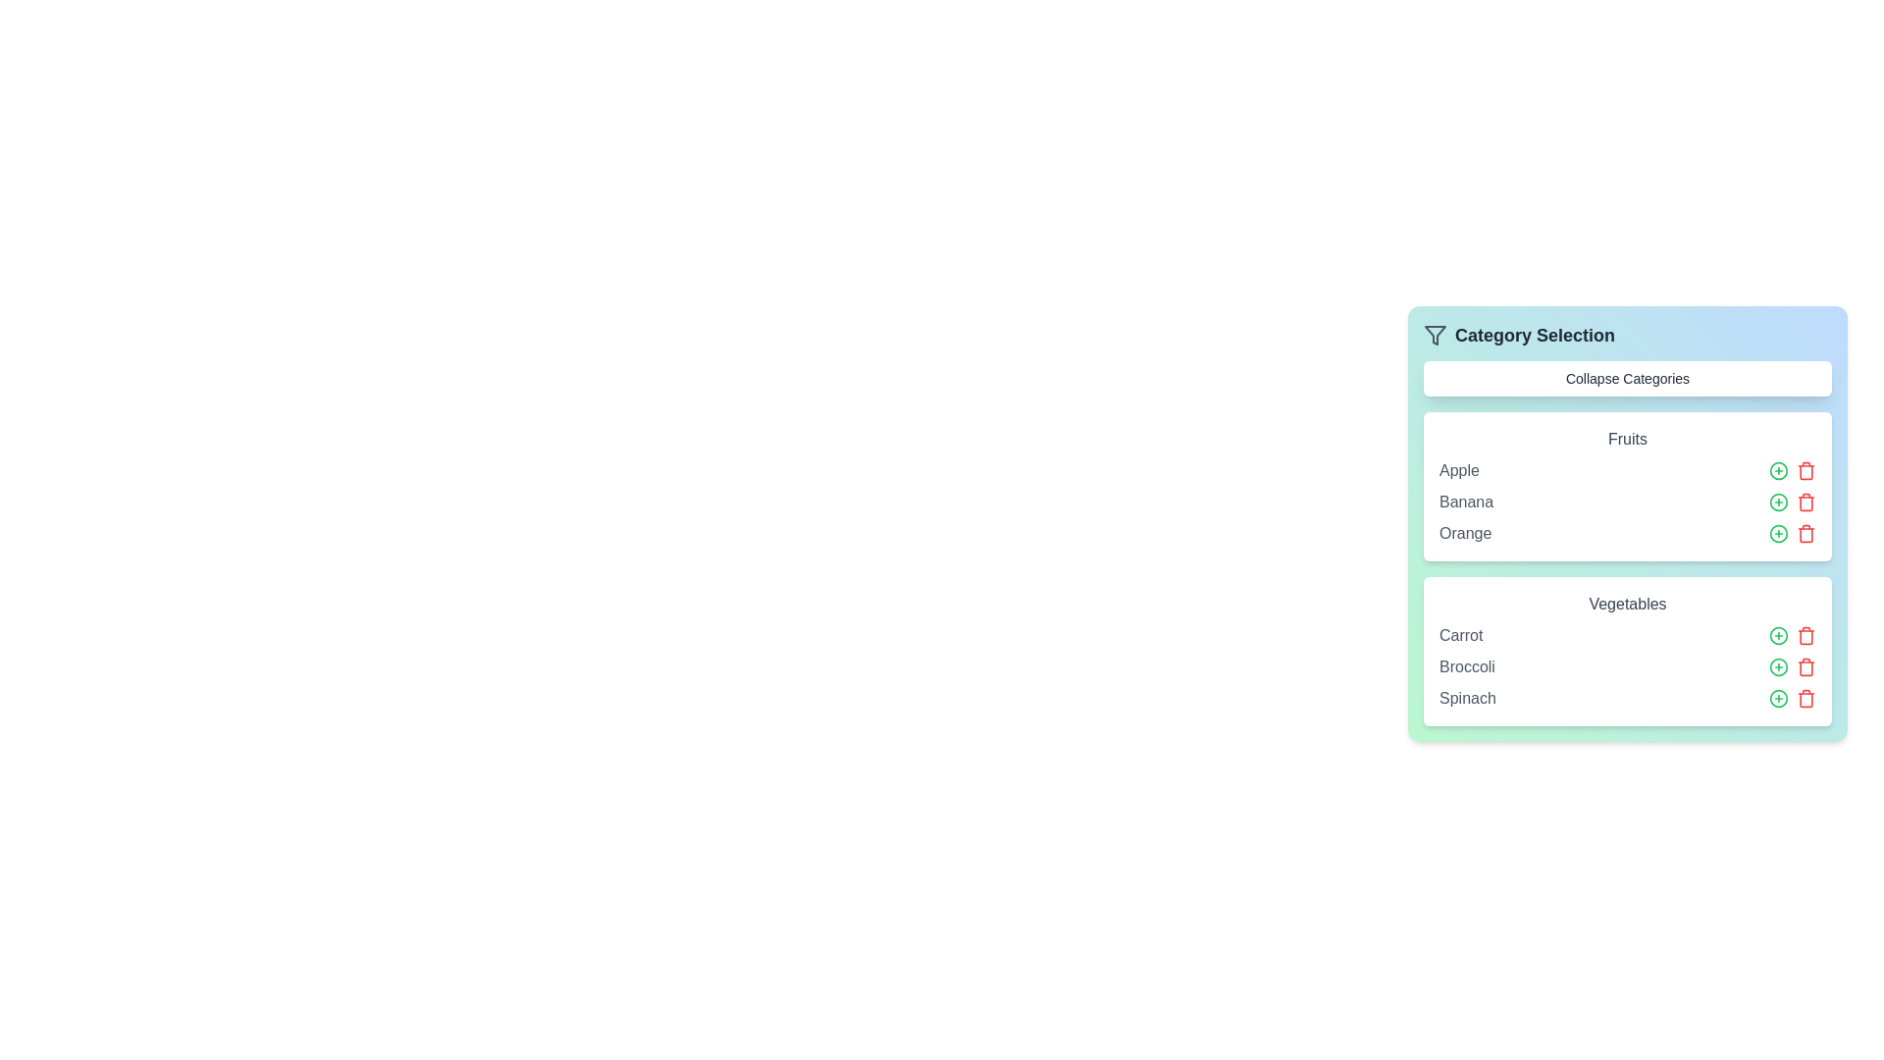 The image size is (1884, 1060). I want to click on the 'Collapse Categories' button to toggle the visibility of categories, so click(1628, 378).